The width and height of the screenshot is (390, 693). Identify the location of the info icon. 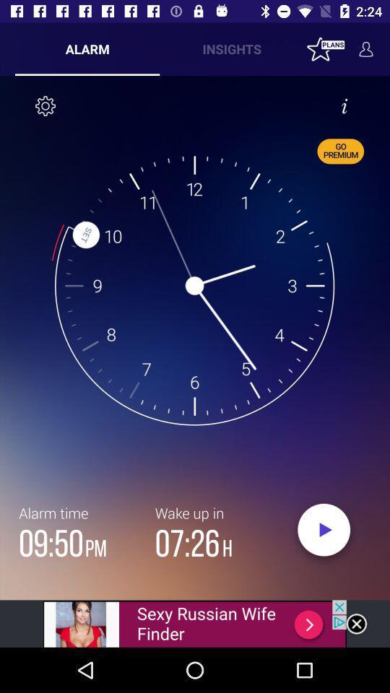
(343, 105).